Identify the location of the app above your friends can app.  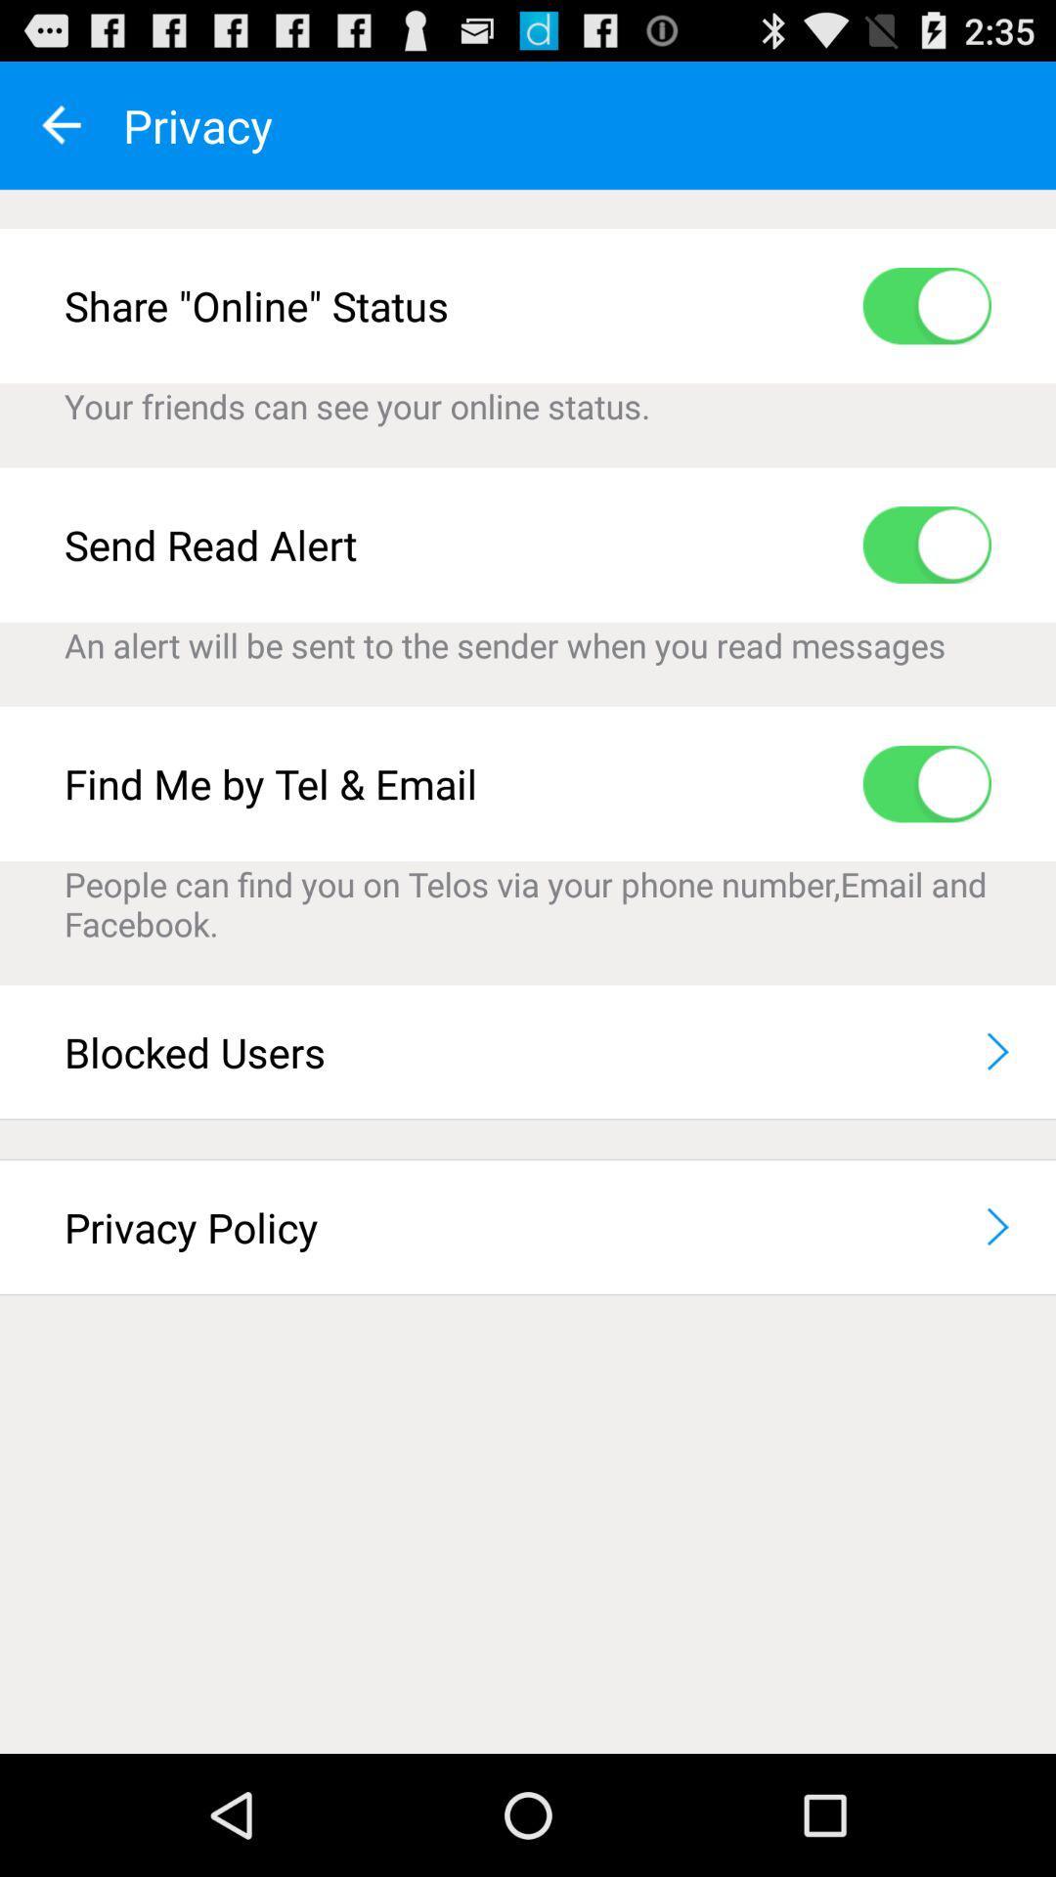
(926, 305).